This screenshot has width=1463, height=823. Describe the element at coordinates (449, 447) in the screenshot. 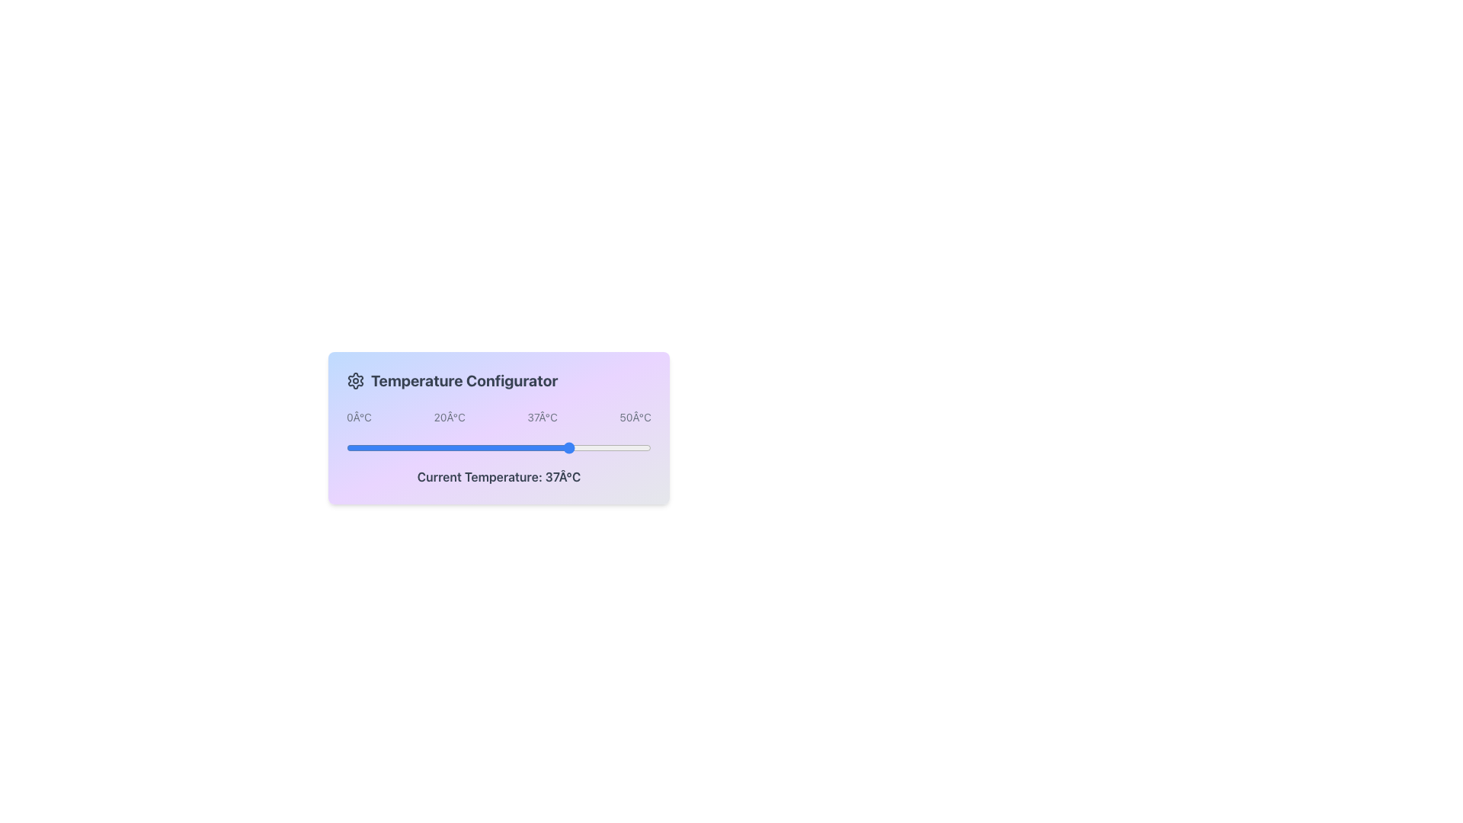

I see `the temperature` at that location.